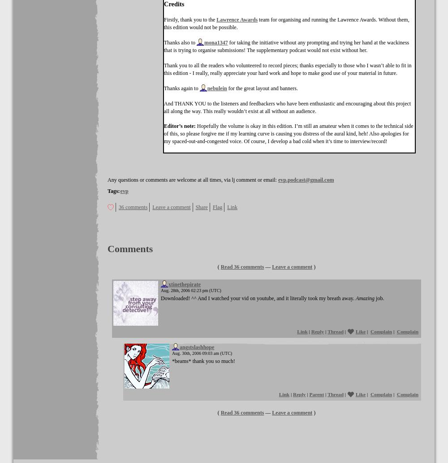  I want to click on 'xtinethepirate', so click(184, 284).